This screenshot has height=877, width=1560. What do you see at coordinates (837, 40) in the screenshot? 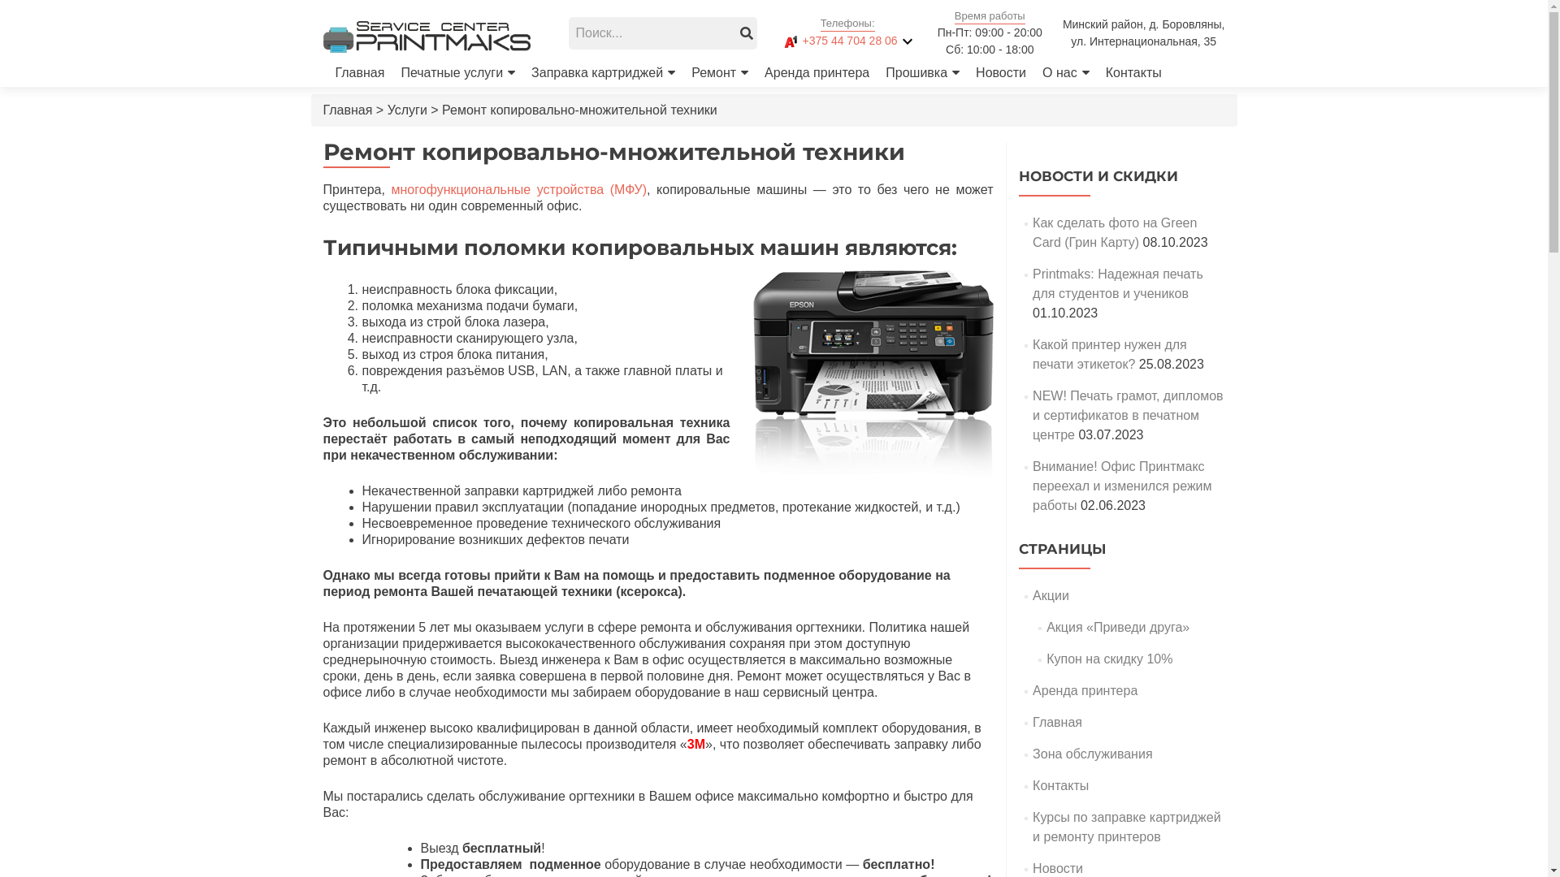
I see `'+375 44 704 28 06'` at bounding box center [837, 40].